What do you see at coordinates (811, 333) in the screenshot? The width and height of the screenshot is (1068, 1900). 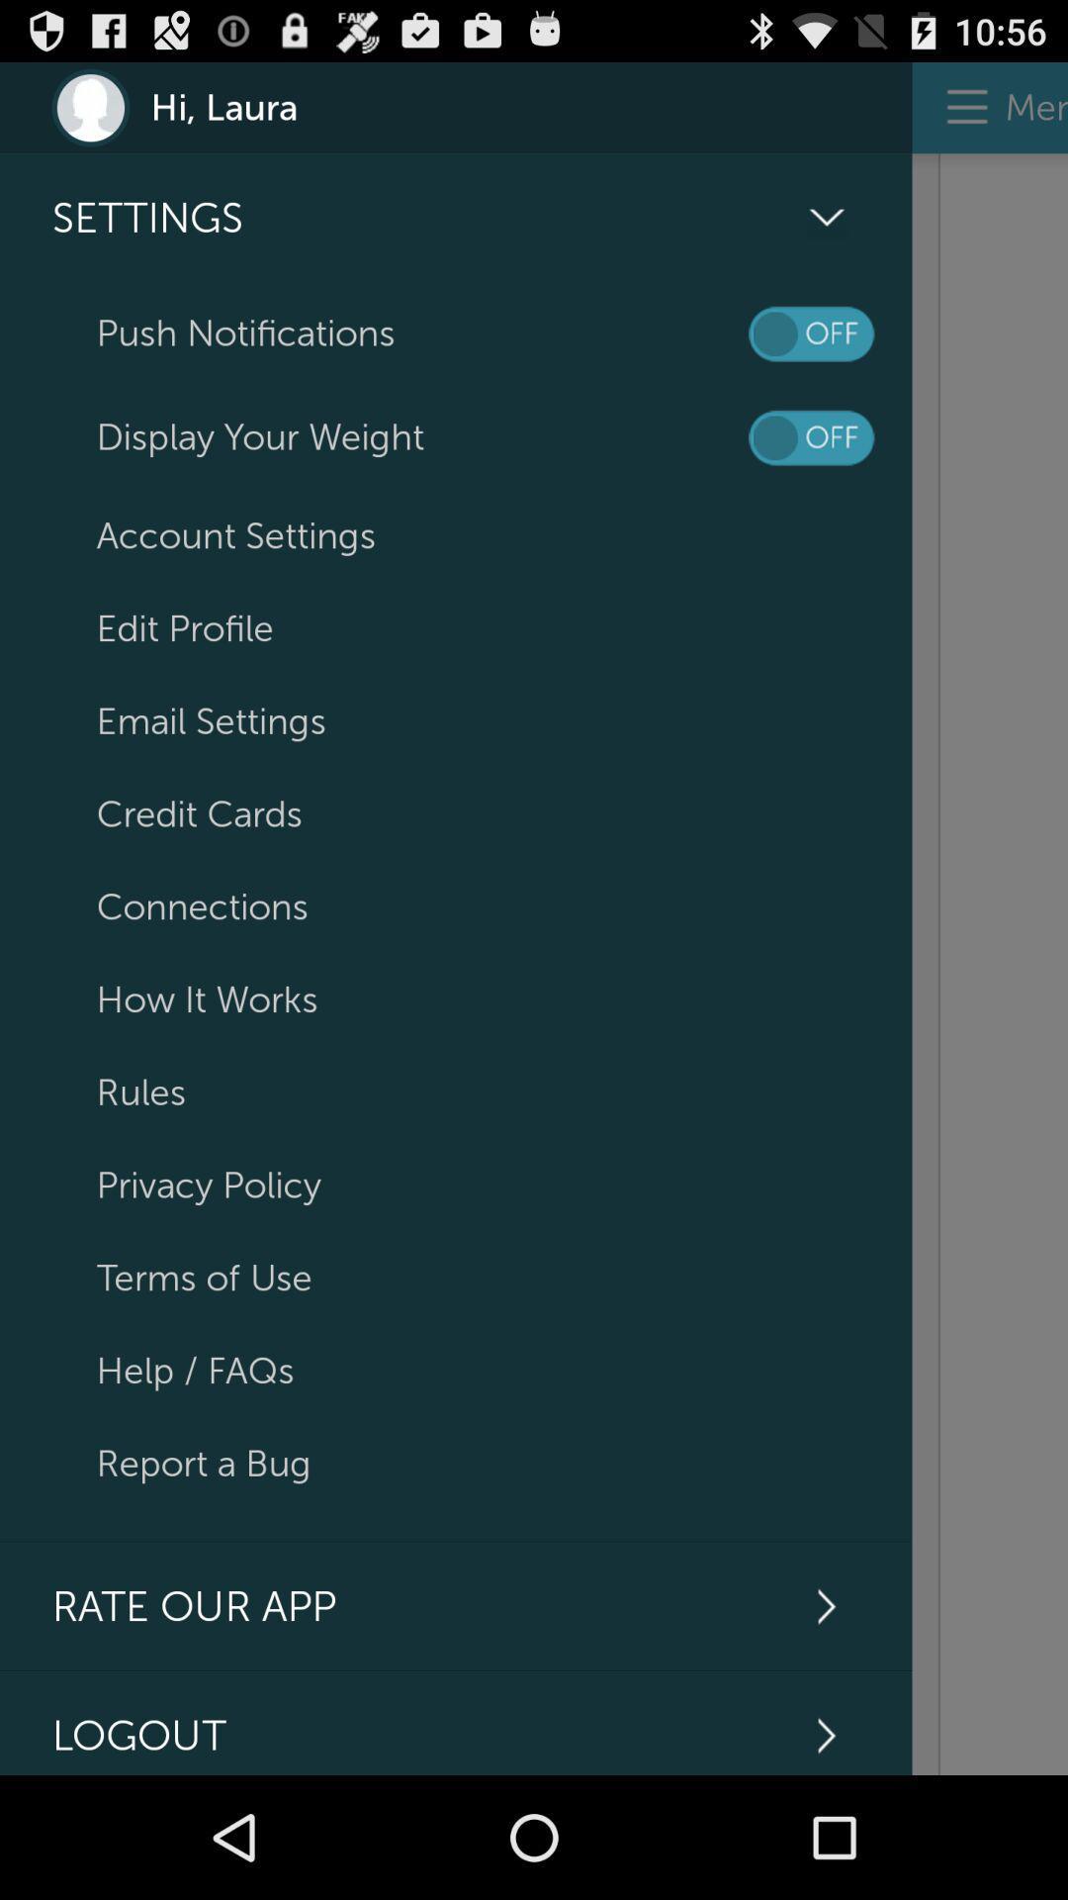 I see `push up notifications switch on/off button` at bounding box center [811, 333].